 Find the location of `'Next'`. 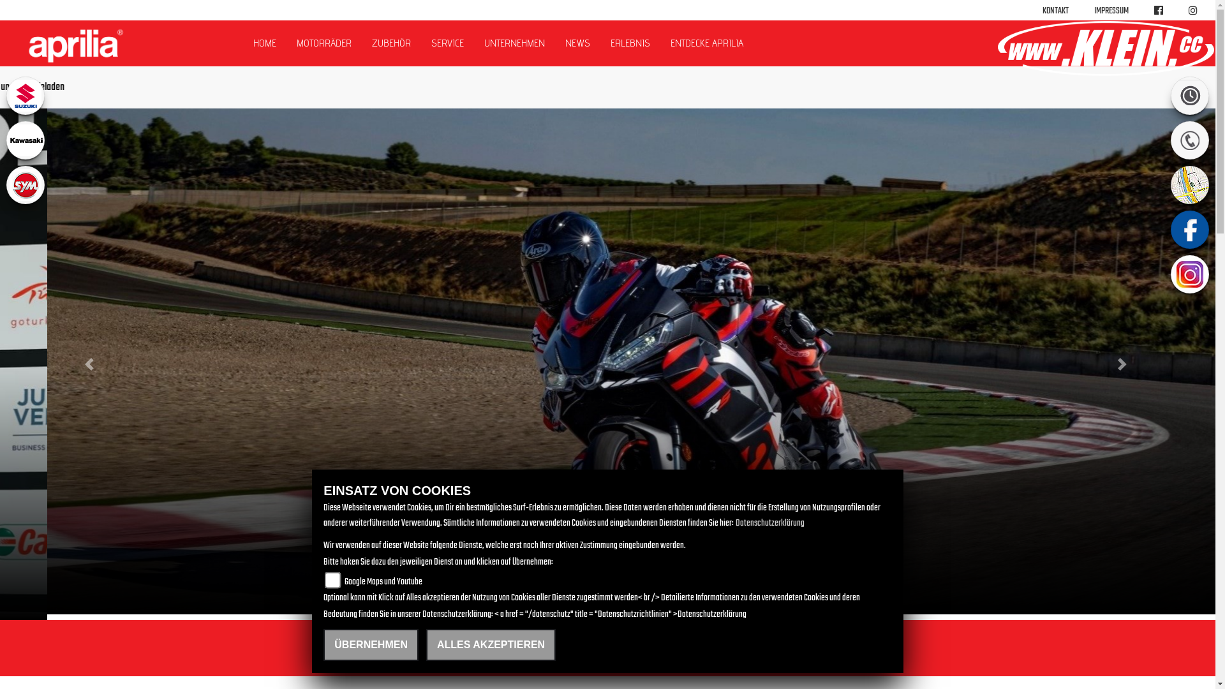

'Next' is located at coordinates (1124, 364).